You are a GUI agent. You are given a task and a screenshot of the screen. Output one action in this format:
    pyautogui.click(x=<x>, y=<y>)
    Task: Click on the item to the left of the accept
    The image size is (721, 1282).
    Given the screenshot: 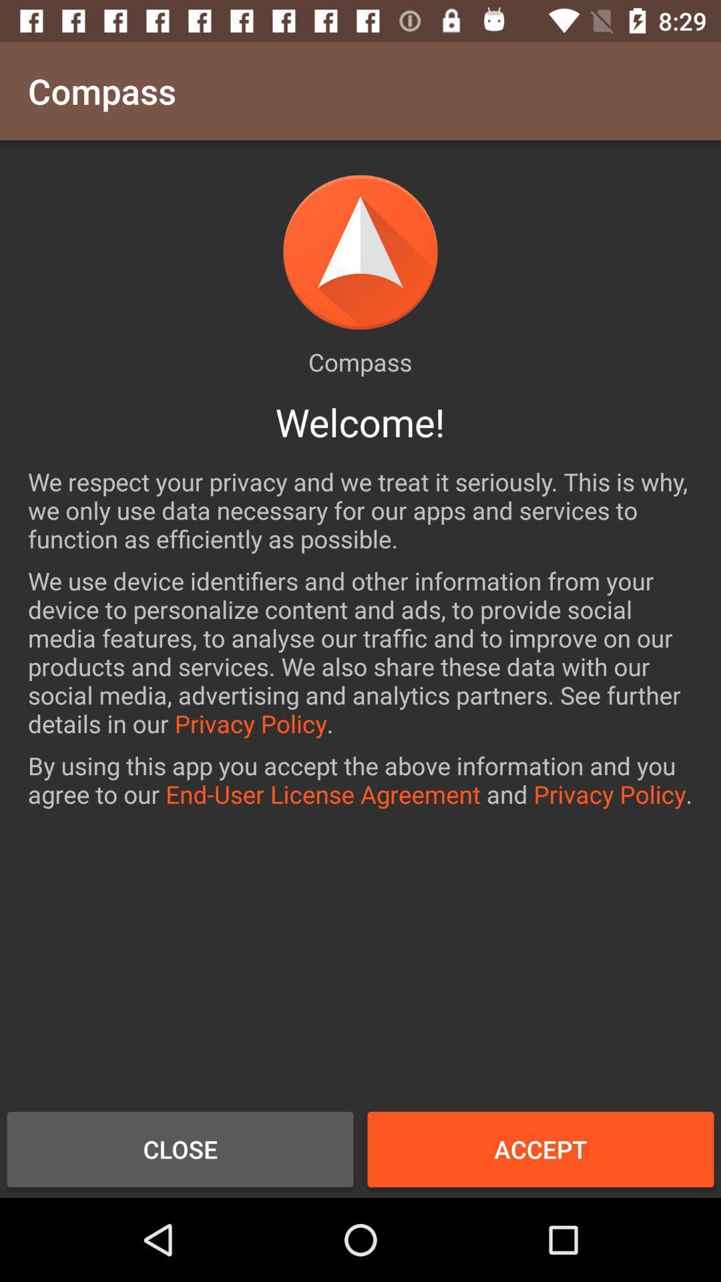 What is the action you would take?
    pyautogui.click(x=180, y=1148)
    